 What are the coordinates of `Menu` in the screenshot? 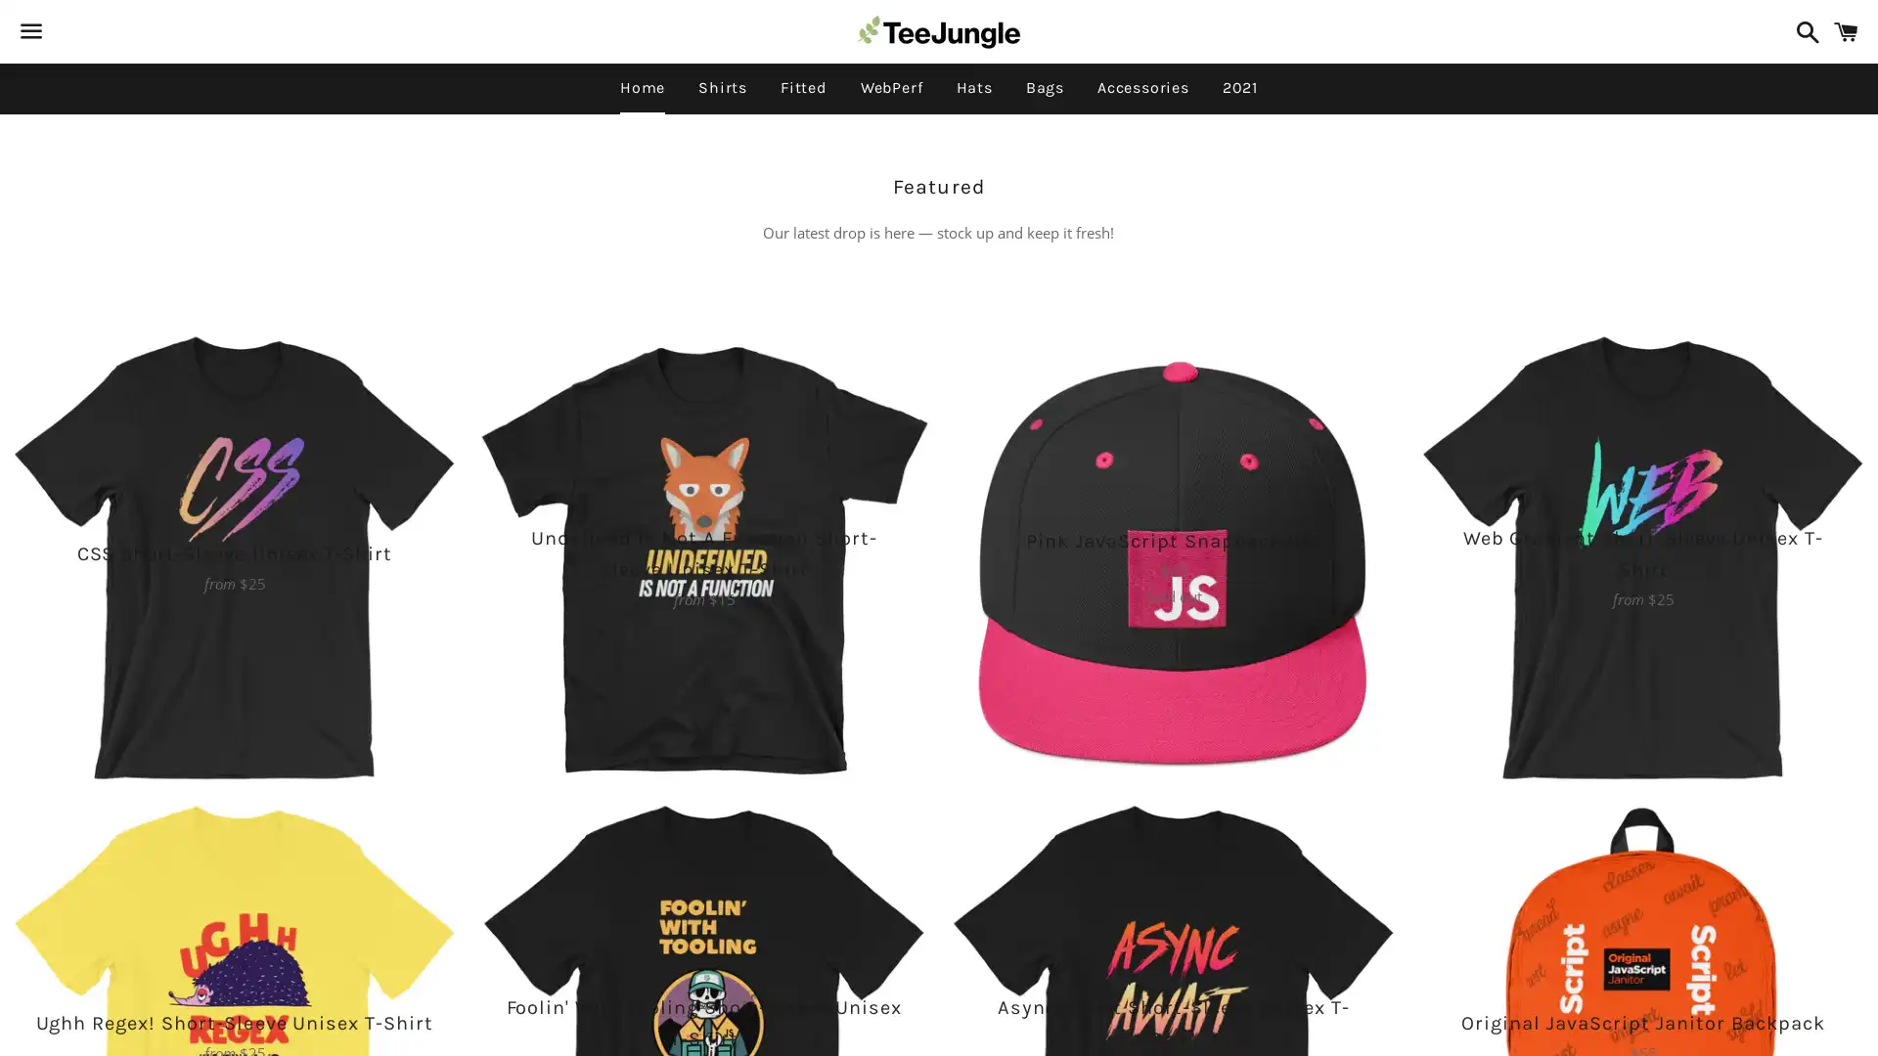 It's located at (31, 30).